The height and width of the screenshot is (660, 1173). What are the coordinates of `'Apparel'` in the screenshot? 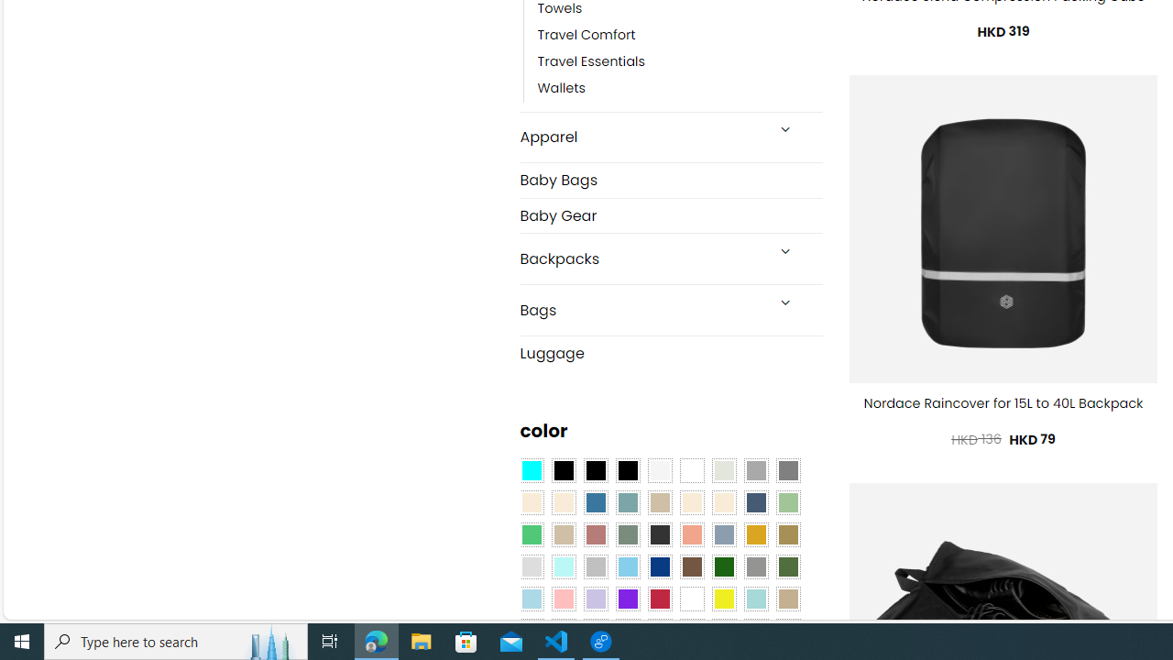 It's located at (641, 137).